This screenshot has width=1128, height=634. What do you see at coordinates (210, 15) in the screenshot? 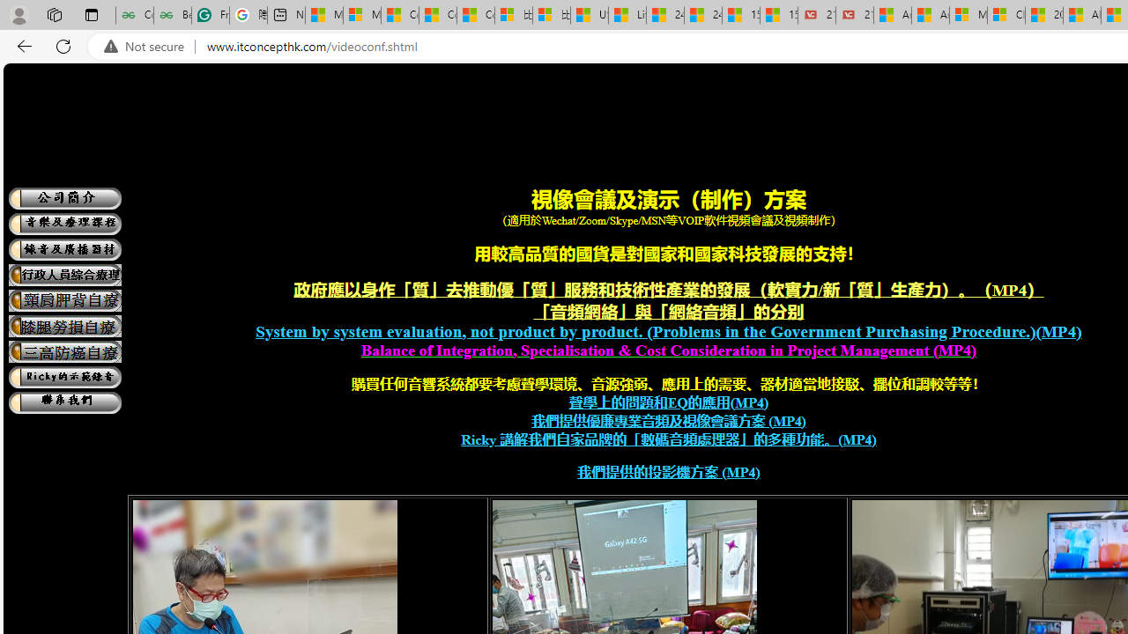
I see `'Free AI Writing Assistance for Students | Grammarly'` at bounding box center [210, 15].